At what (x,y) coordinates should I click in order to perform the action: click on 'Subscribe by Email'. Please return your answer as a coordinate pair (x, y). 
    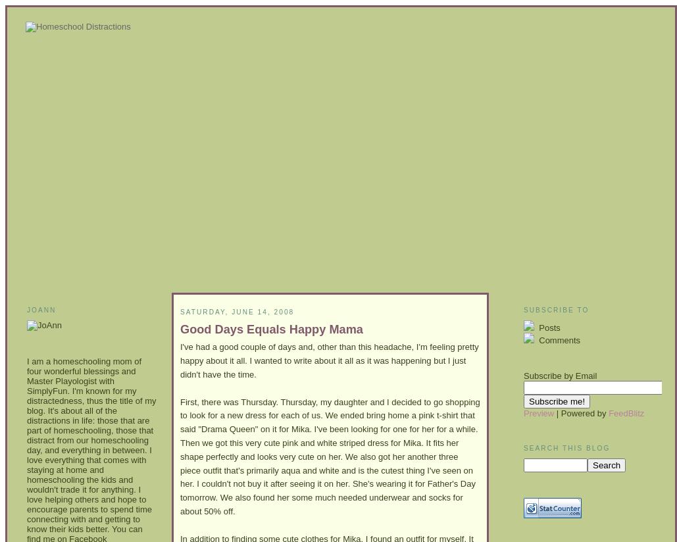
    Looking at the image, I should click on (524, 374).